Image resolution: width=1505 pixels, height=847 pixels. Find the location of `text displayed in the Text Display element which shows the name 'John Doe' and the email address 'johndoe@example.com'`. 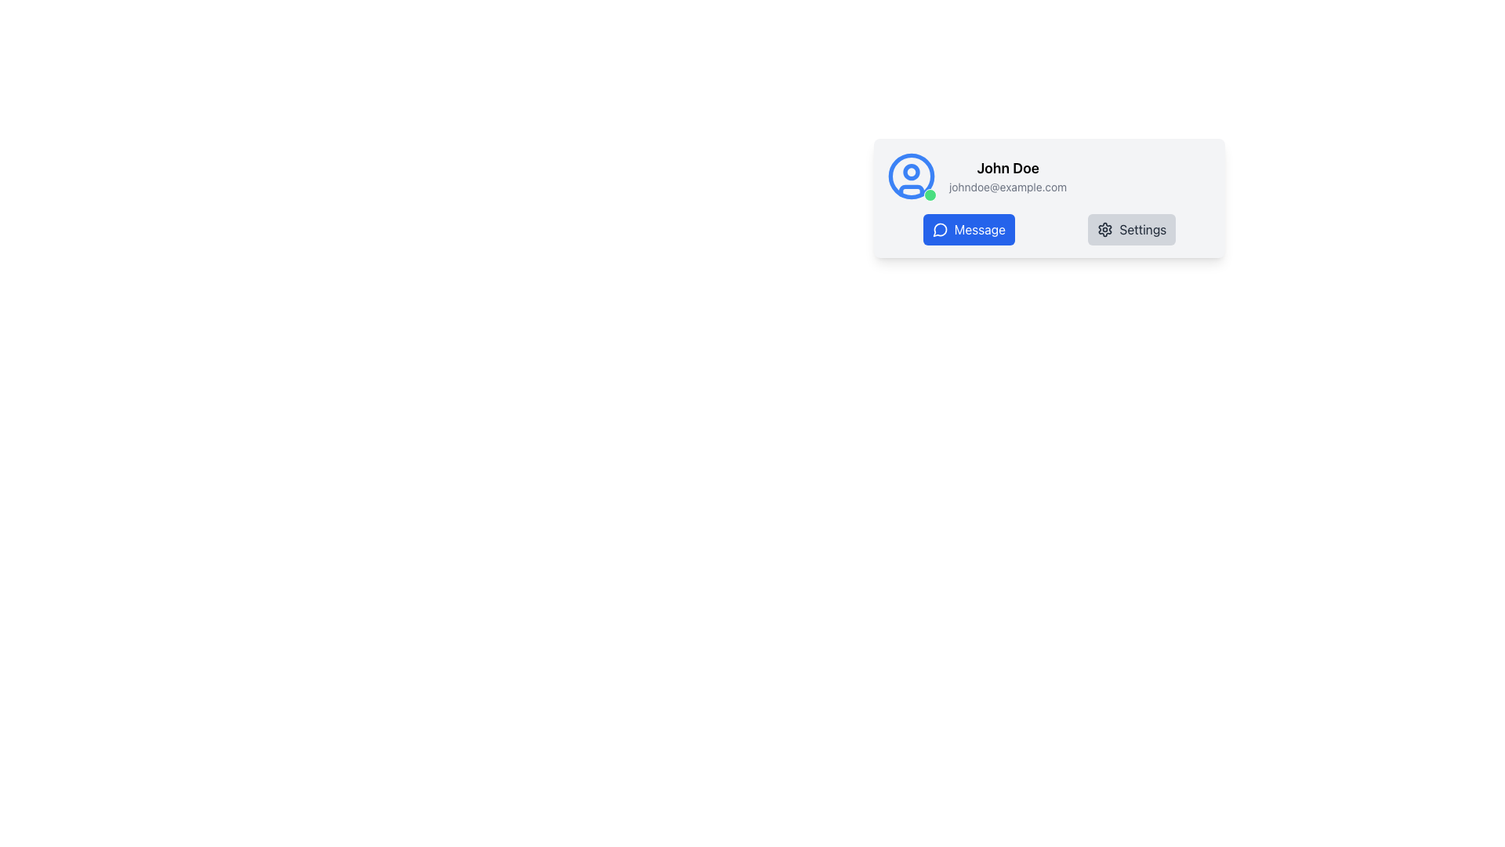

text displayed in the Text Display element which shows the name 'John Doe' and the email address 'johndoe@example.com' is located at coordinates (1008, 176).